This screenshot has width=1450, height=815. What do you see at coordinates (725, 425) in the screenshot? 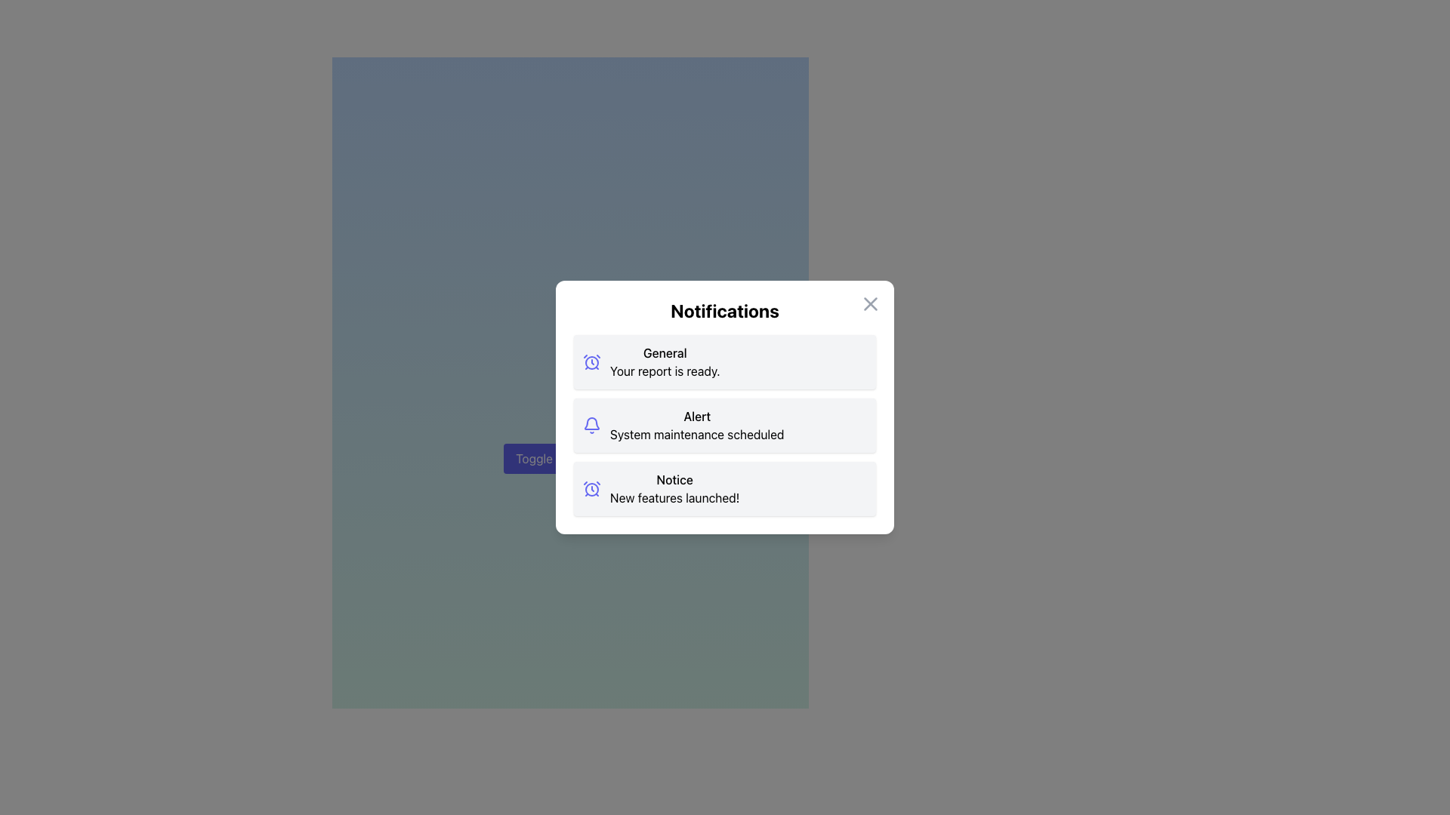
I see `the second notification item which has a light gray background, rounded corners, and contains a purple bell icon with the text 'Alert' and 'System maintenance scheduled'` at bounding box center [725, 425].